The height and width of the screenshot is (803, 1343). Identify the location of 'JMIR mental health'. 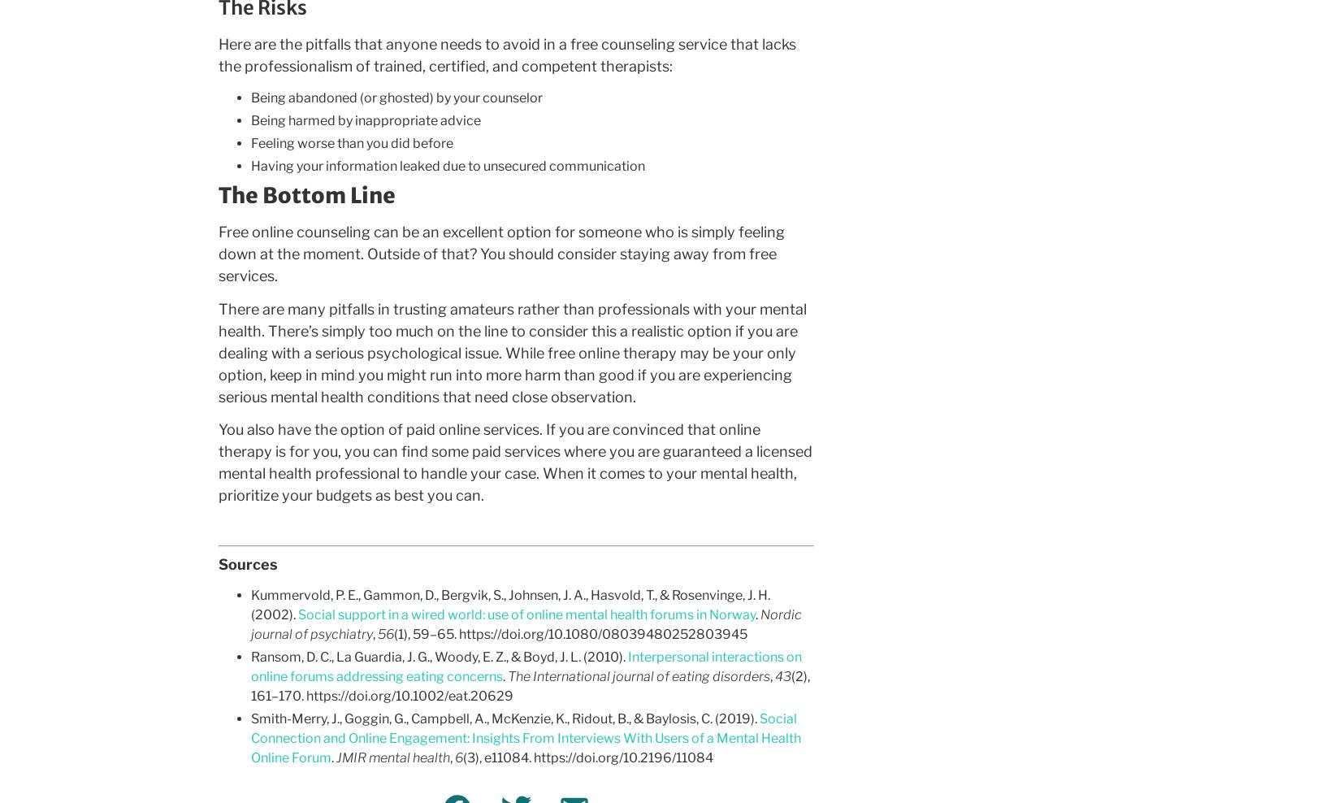
(392, 757).